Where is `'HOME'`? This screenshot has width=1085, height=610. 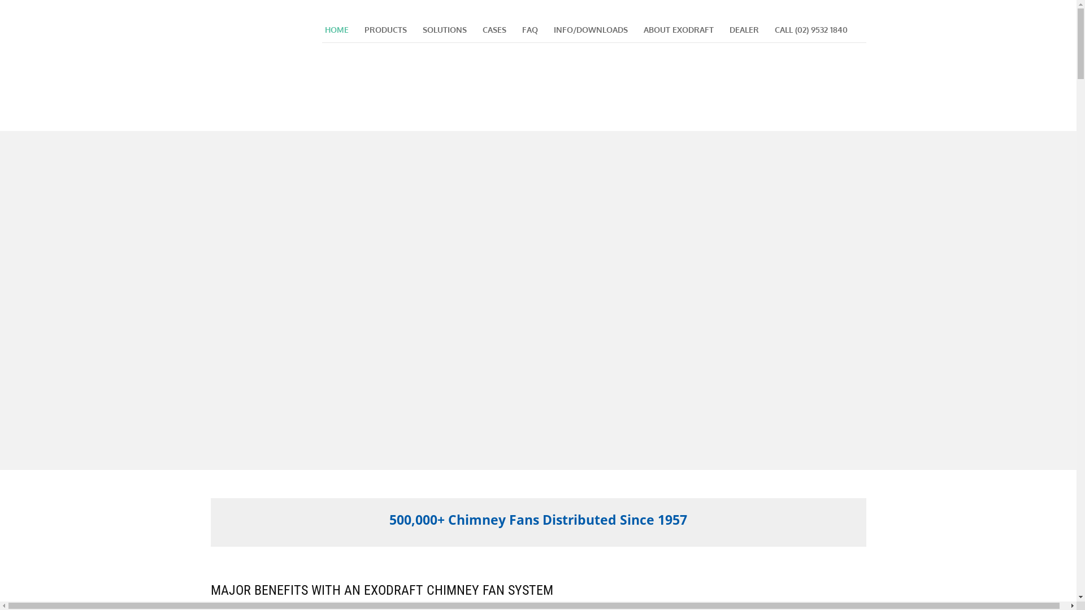
'HOME' is located at coordinates (336, 29).